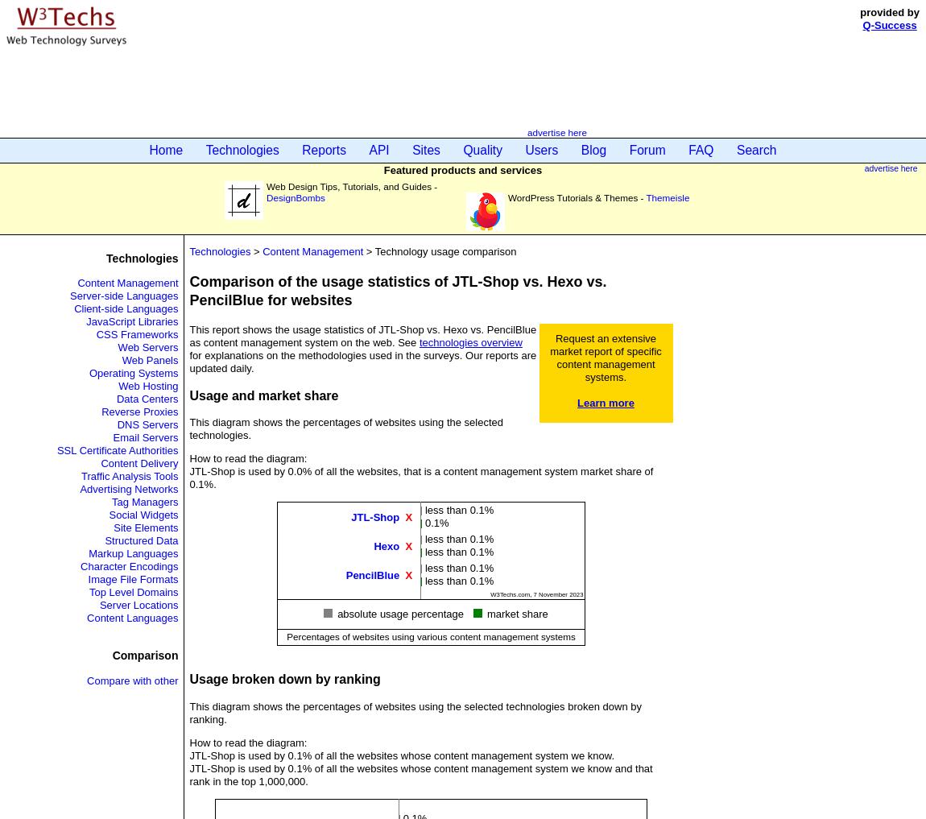 The image size is (926, 819). I want to click on 'DNS Servers', so click(146, 424).